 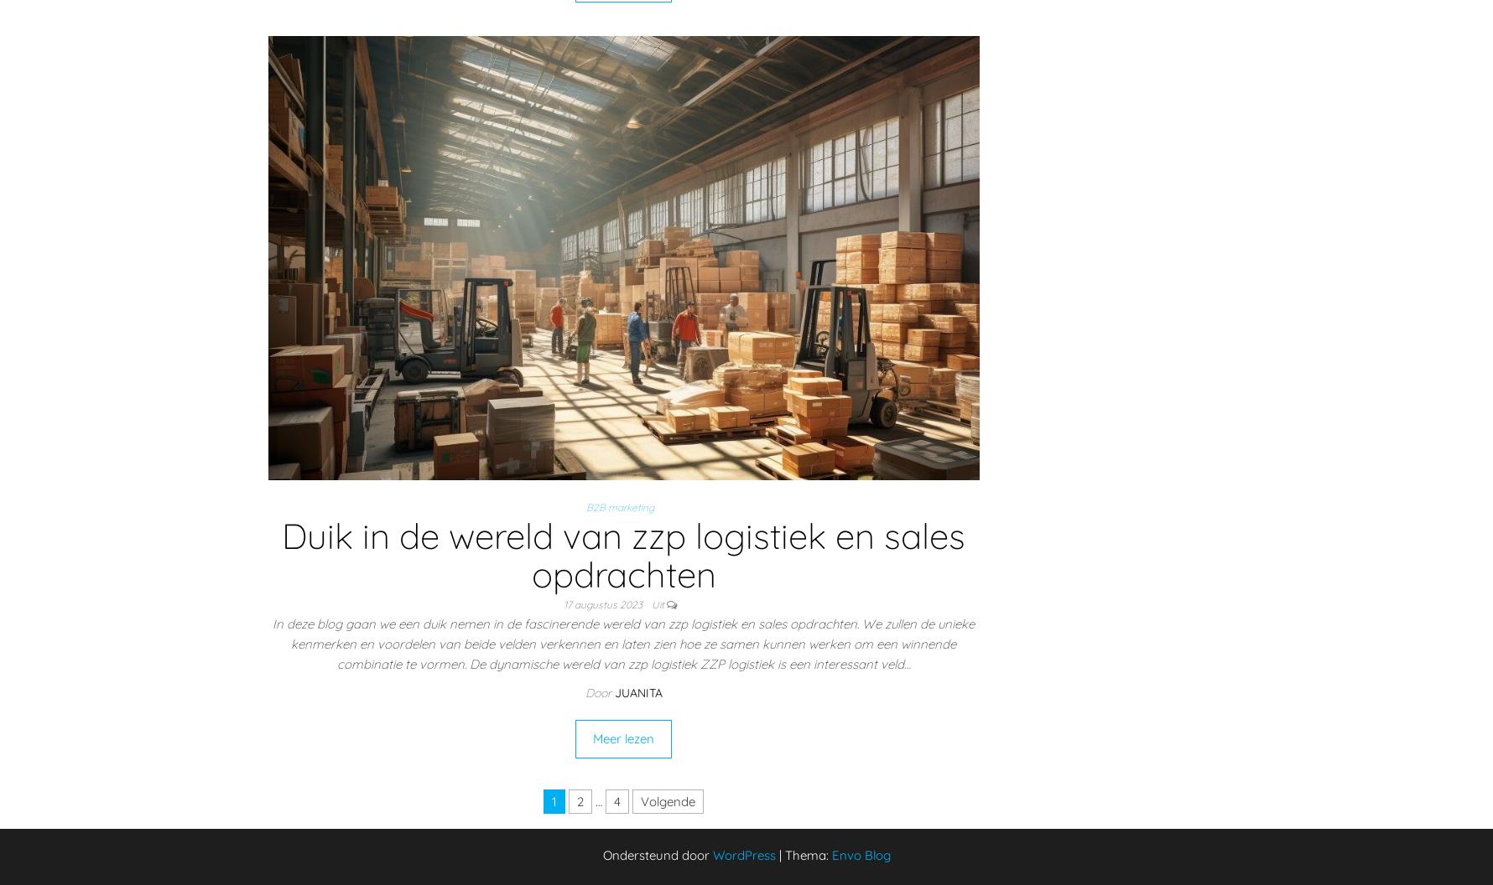 What do you see at coordinates (781, 854) in the screenshot?
I see `'|'` at bounding box center [781, 854].